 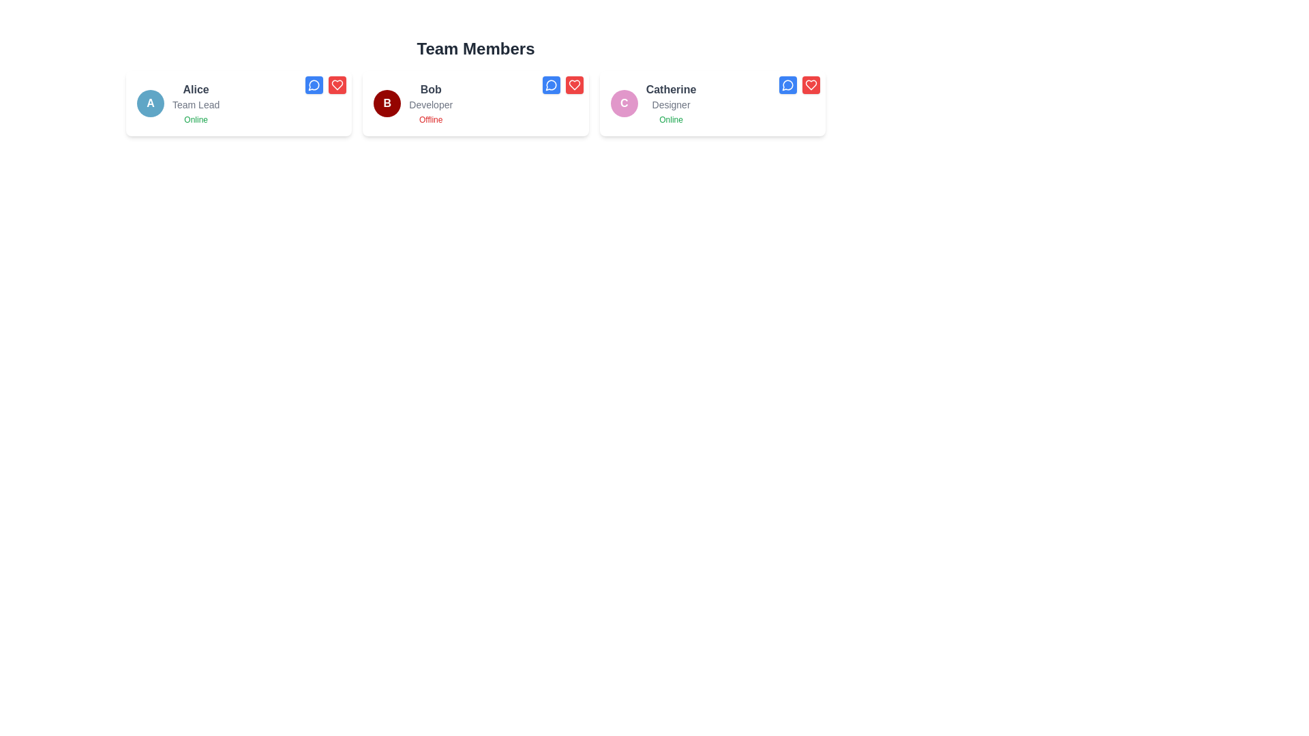 What do you see at coordinates (195, 89) in the screenshot?
I see `the static text label 'Alice' which is prominently displayed in bold dark gray text within a card layout indicating a person's profile information` at bounding box center [195, 89].